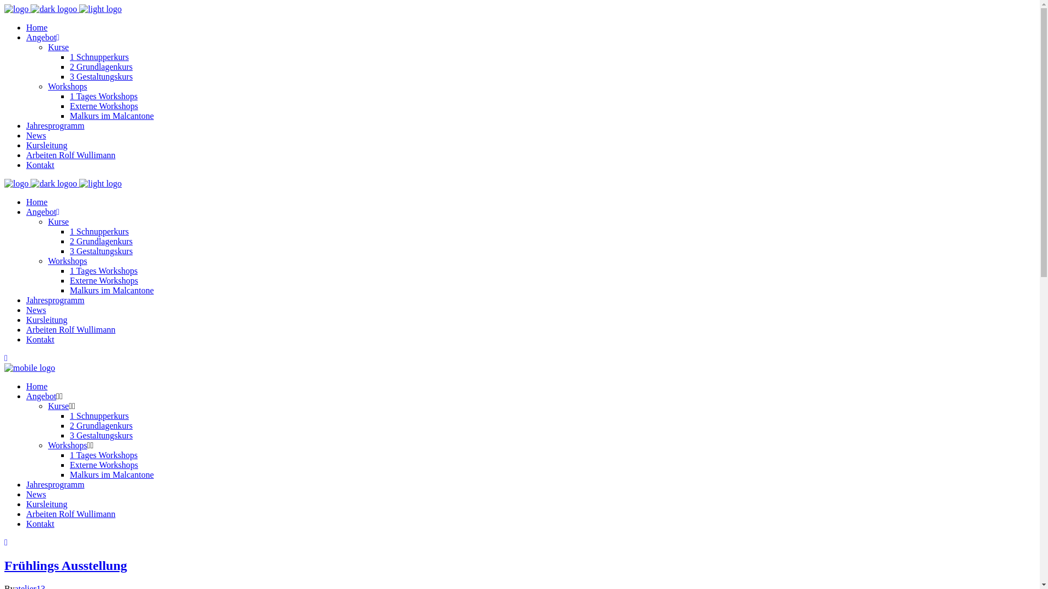 The height and width of the screenshot is (589, 1048). Describe the element at coordinates (41, 396) in the screenshot. I see `'Angebot'` at that location.